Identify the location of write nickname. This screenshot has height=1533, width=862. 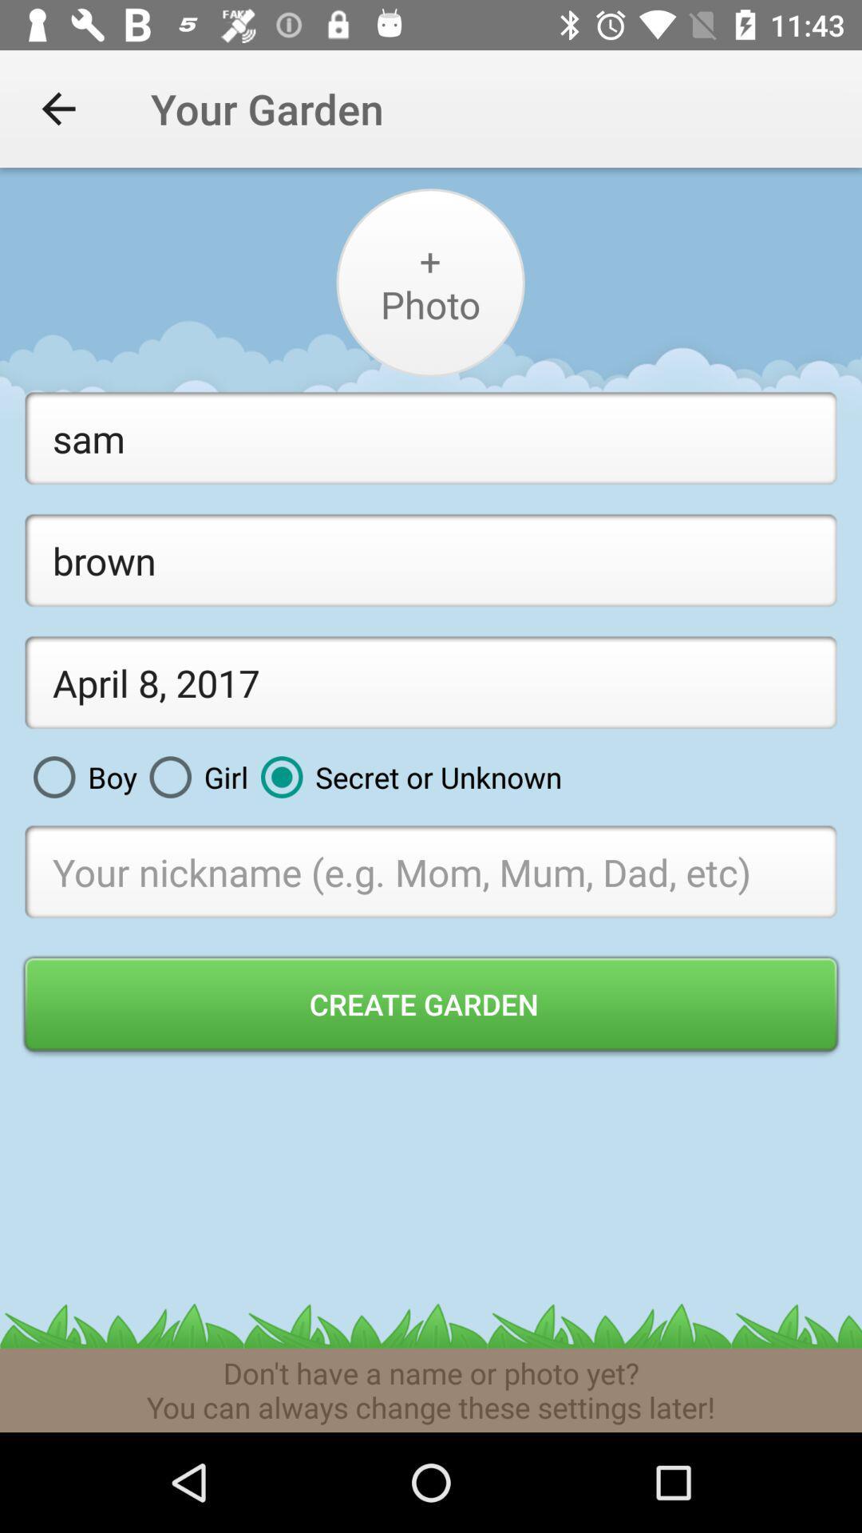
(431, 870).